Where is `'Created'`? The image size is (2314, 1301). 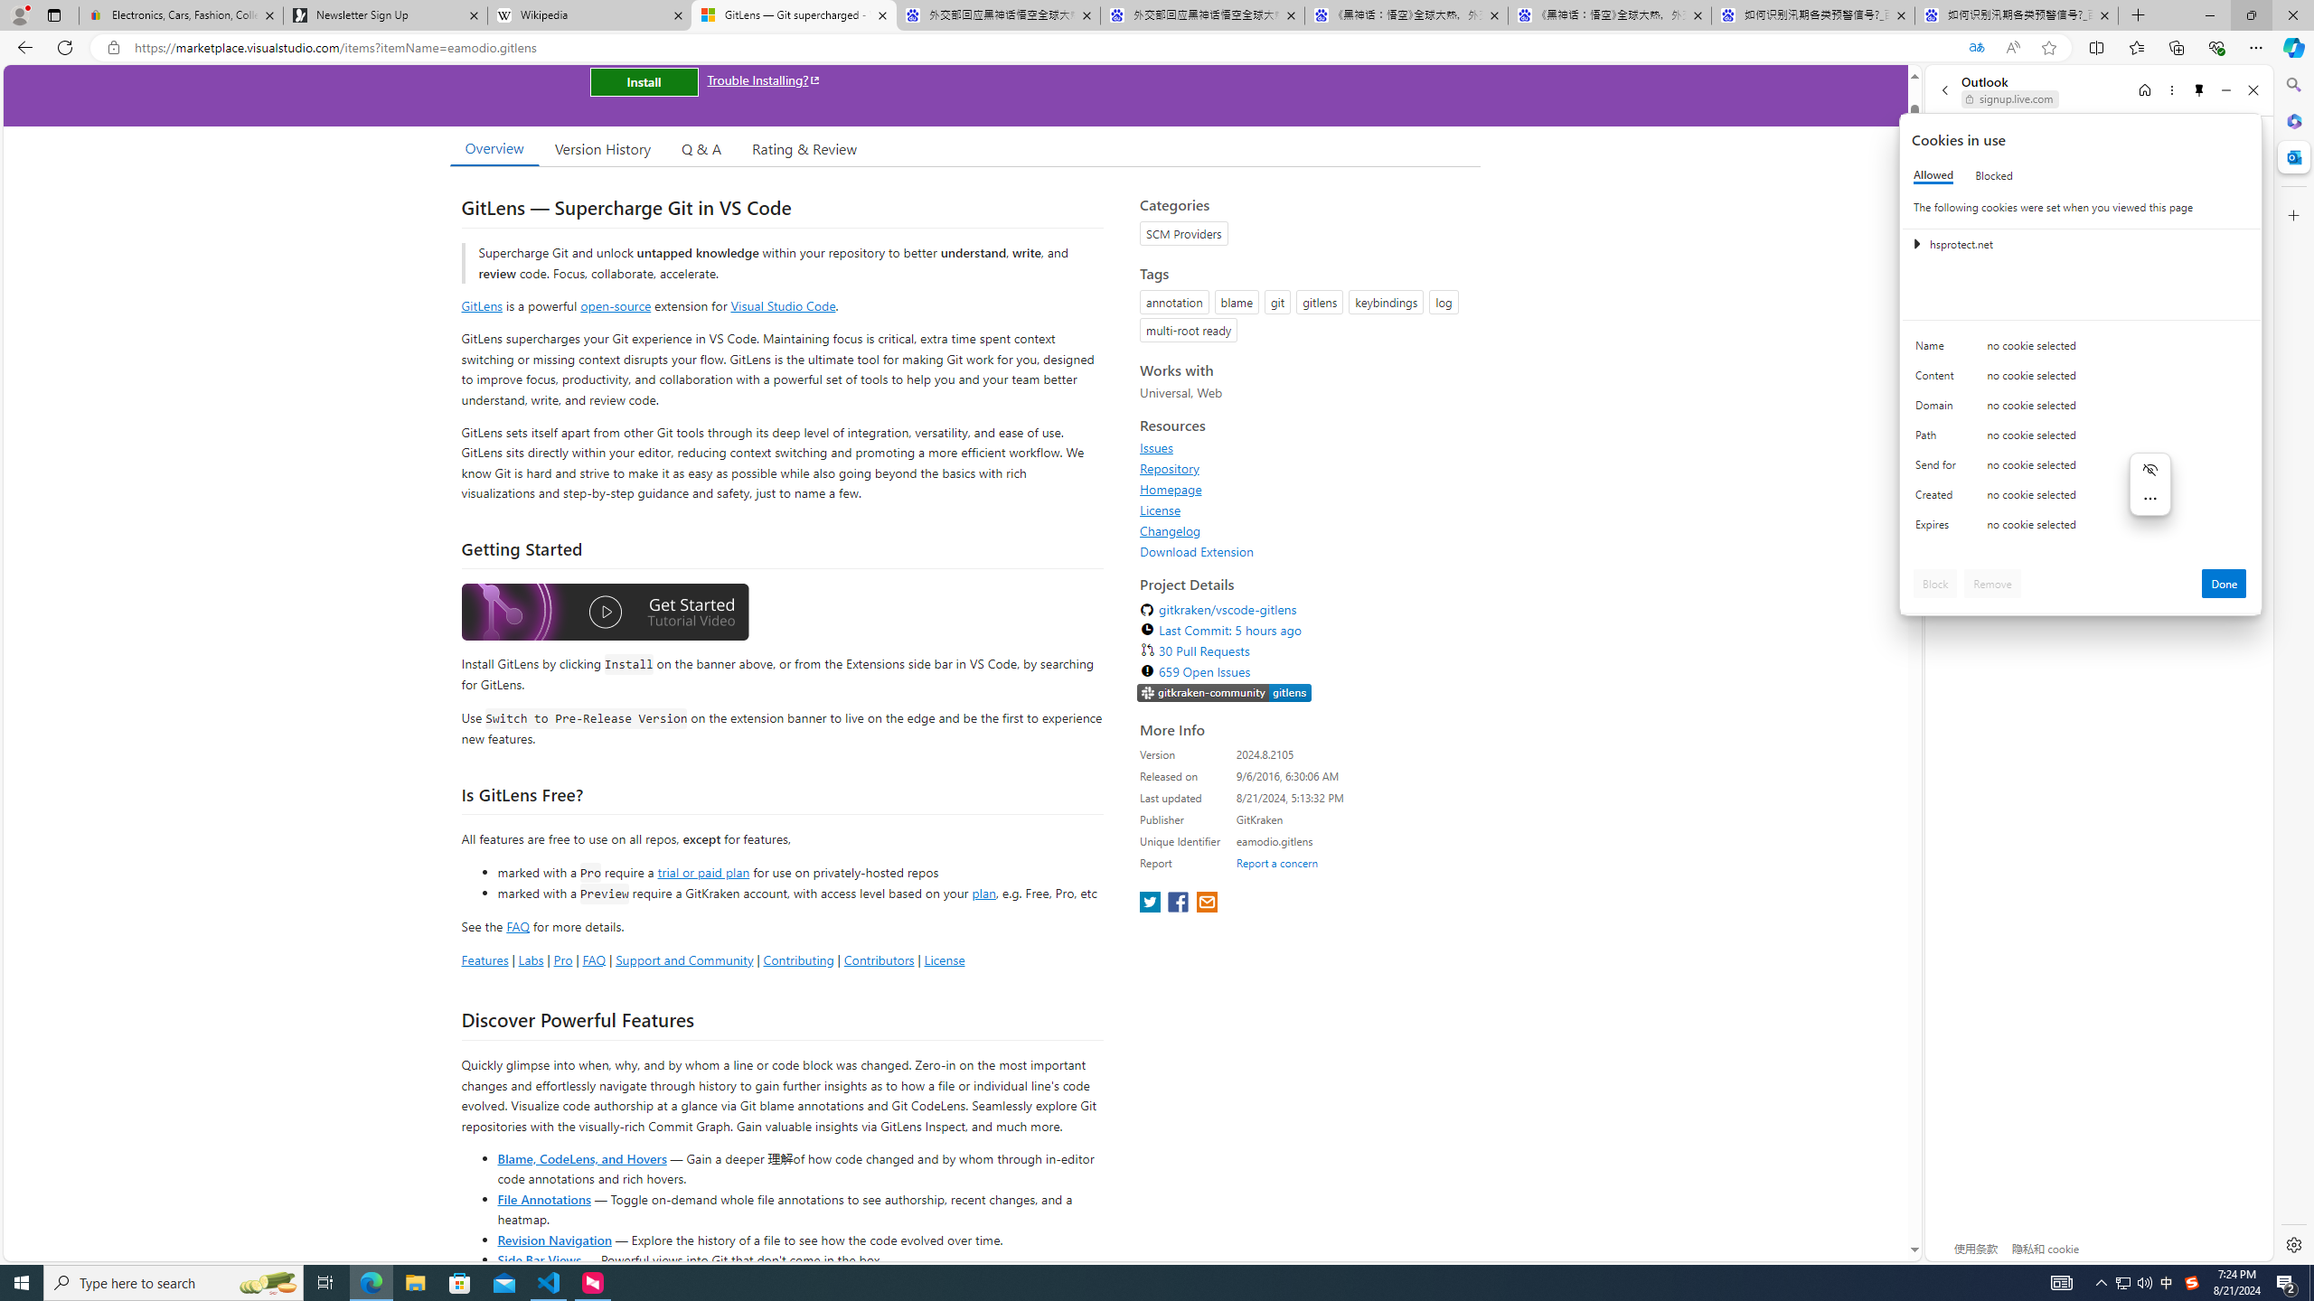
'Created' is located at coordinates (1938, 498).